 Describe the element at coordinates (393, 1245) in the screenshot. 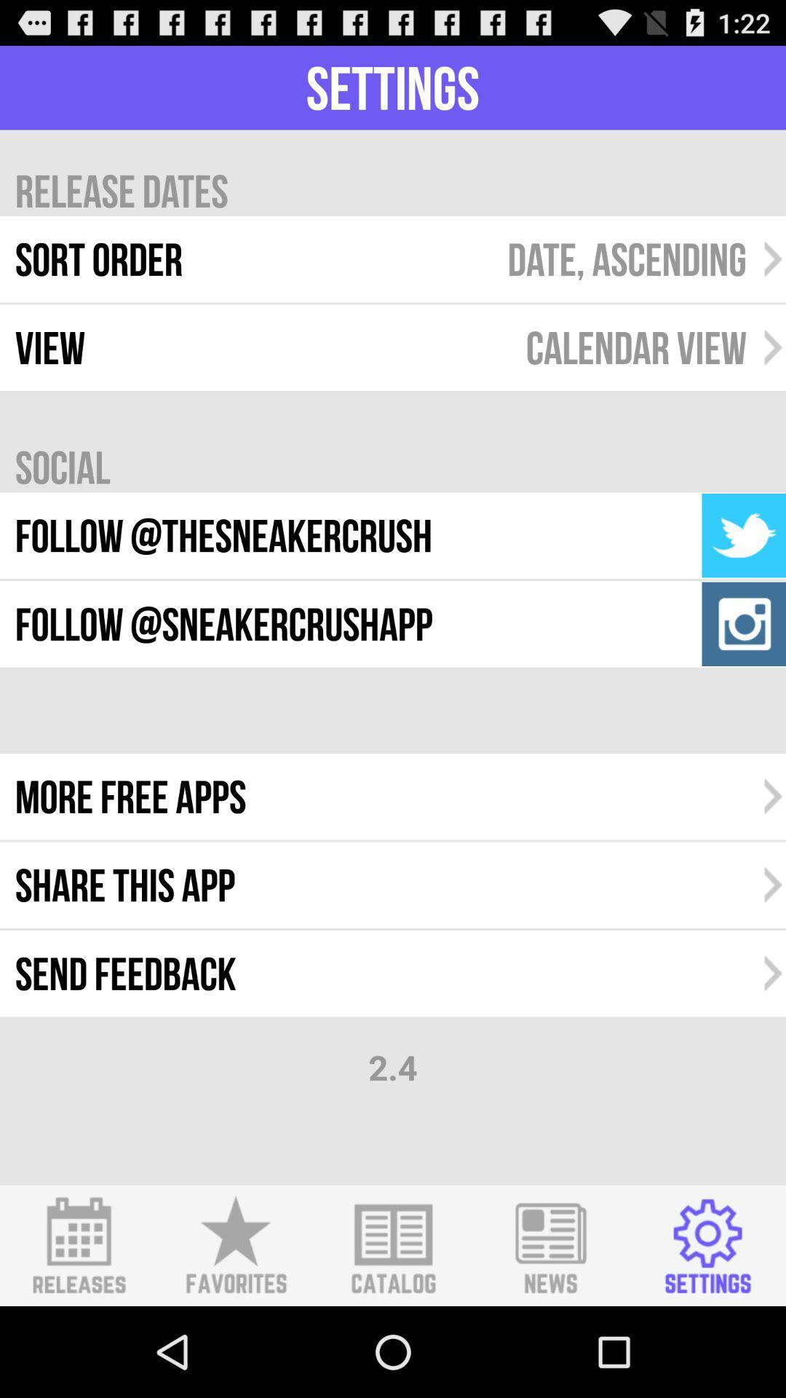

I see `catalog` at that location.